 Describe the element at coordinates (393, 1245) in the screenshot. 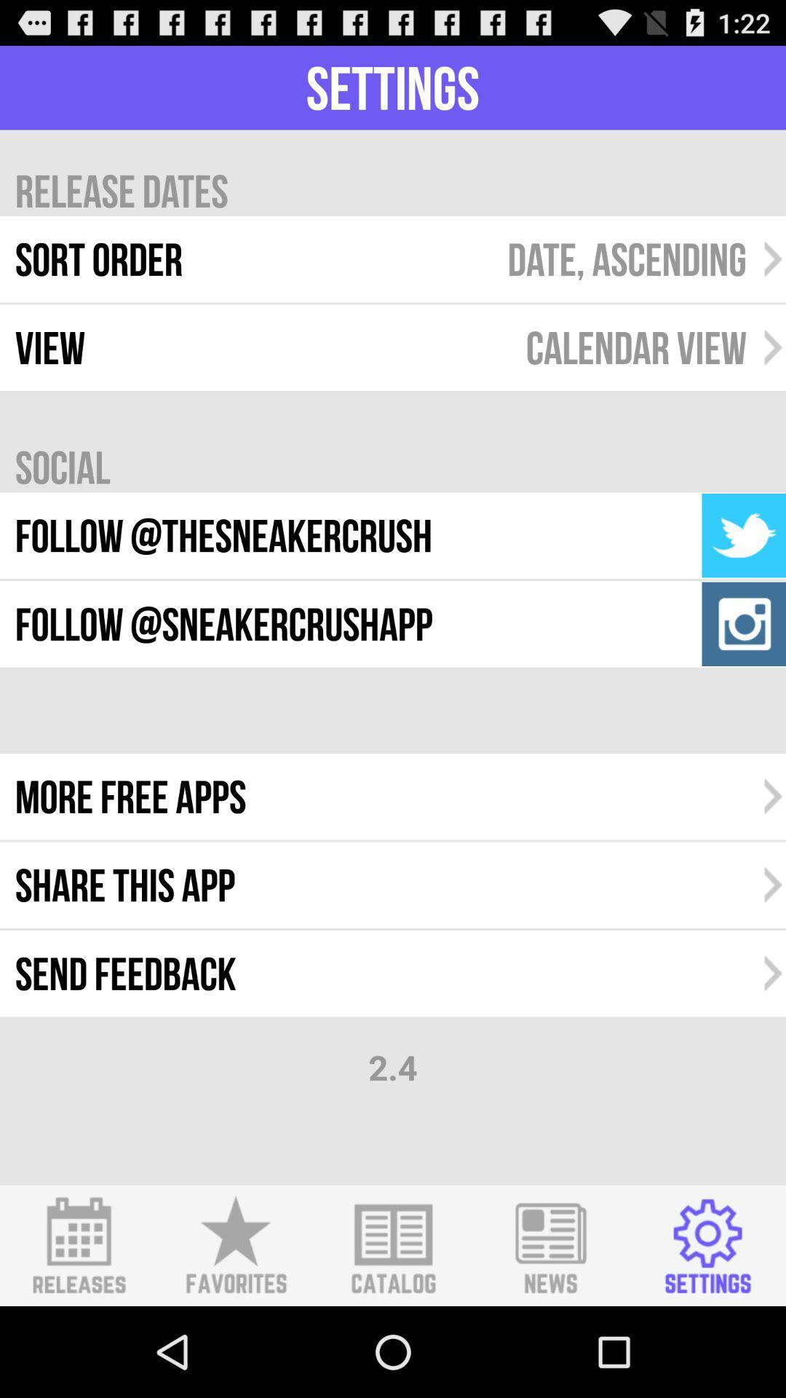

I see `catalog` at that location.